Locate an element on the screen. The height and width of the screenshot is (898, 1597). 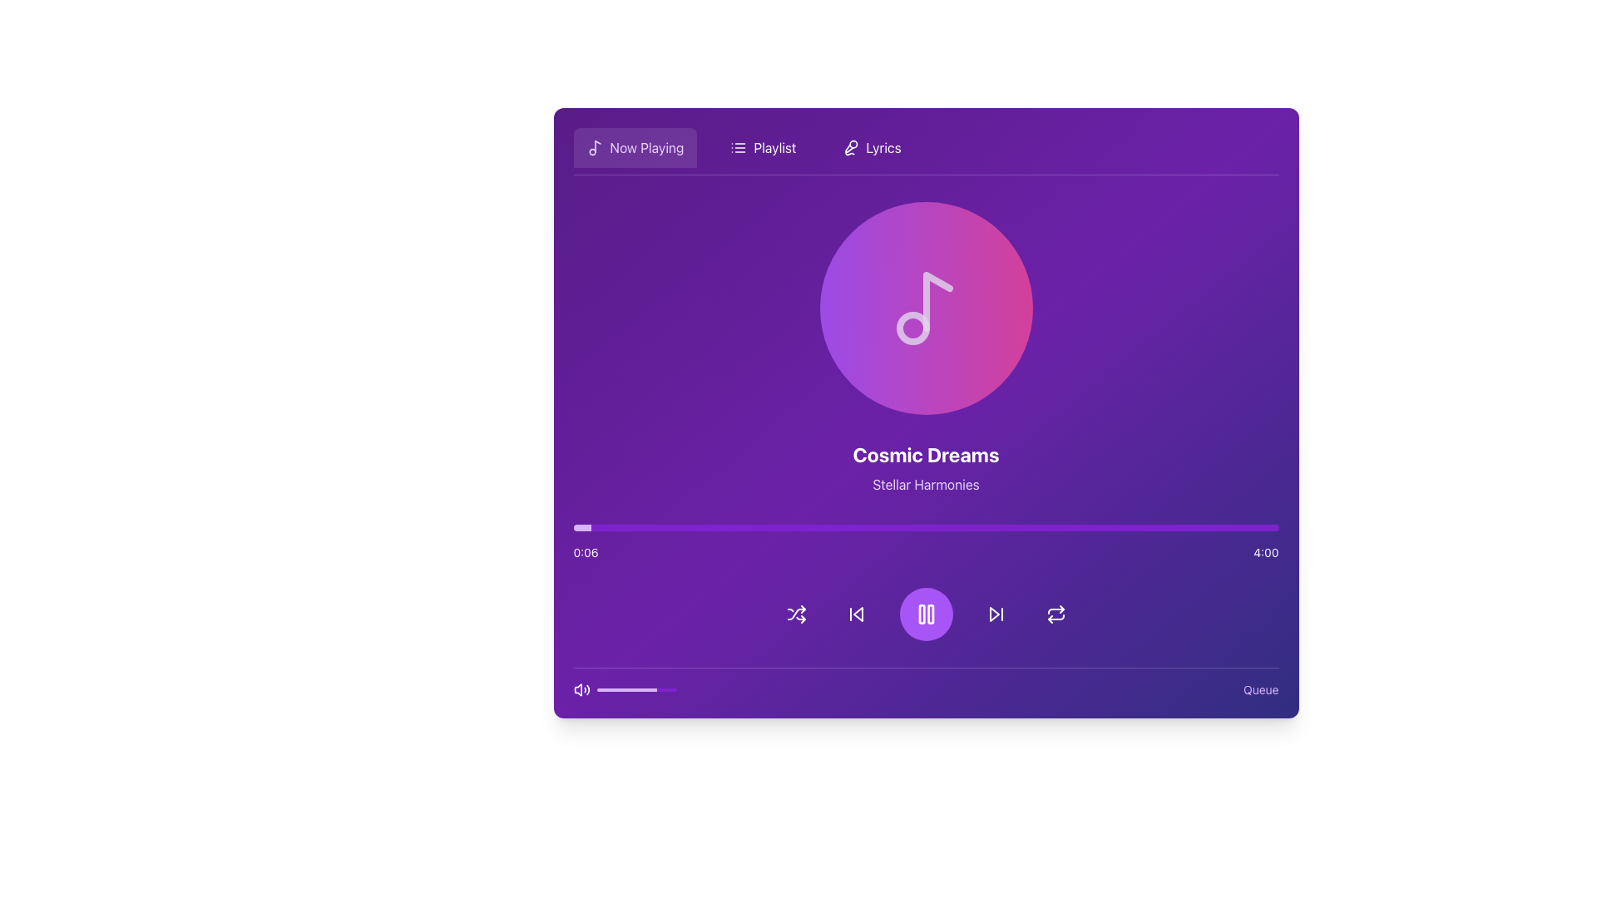
the skip-backward button, which is the third icon from the left in the playback control panel, featuring a triangular play button pointing left with a vertical line on its right, against a purple background is located at coordinates (856, 614).